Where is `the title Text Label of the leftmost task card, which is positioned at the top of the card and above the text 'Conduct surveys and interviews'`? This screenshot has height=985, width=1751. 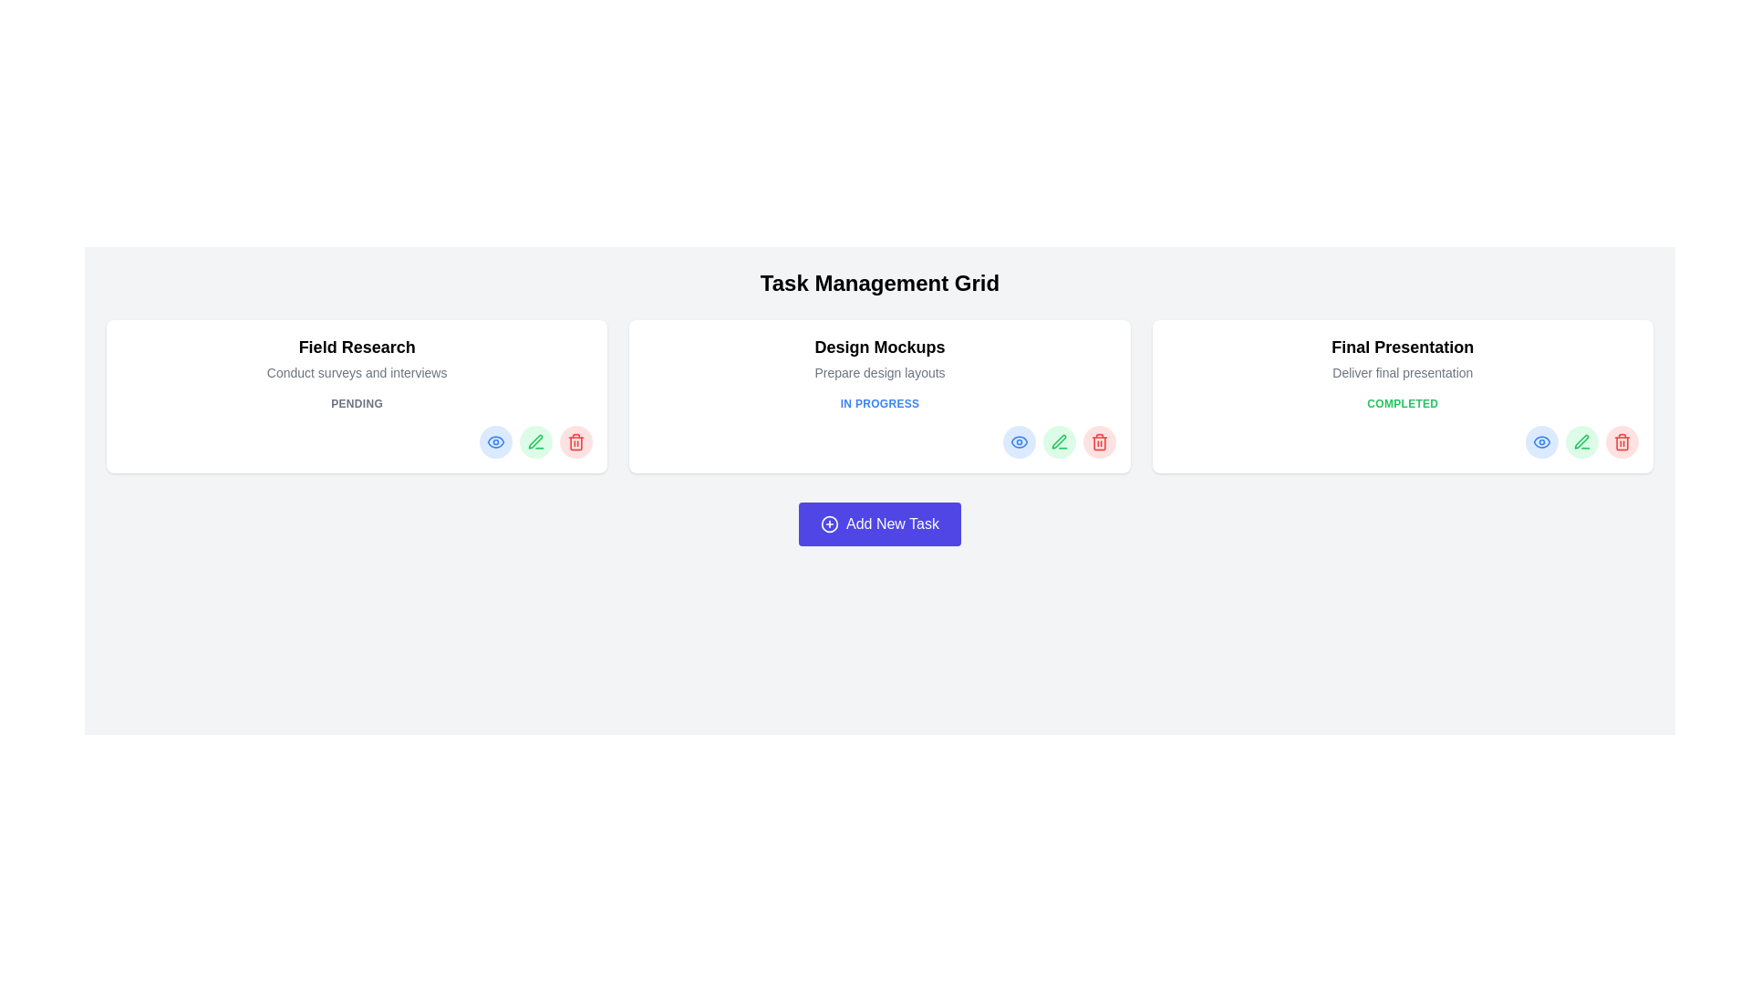 the title Text Label of the leftmost task card, which is positioned at the top of the card and above the text 'Conduct surveys and interviews' is located at coordinates (357, 347).